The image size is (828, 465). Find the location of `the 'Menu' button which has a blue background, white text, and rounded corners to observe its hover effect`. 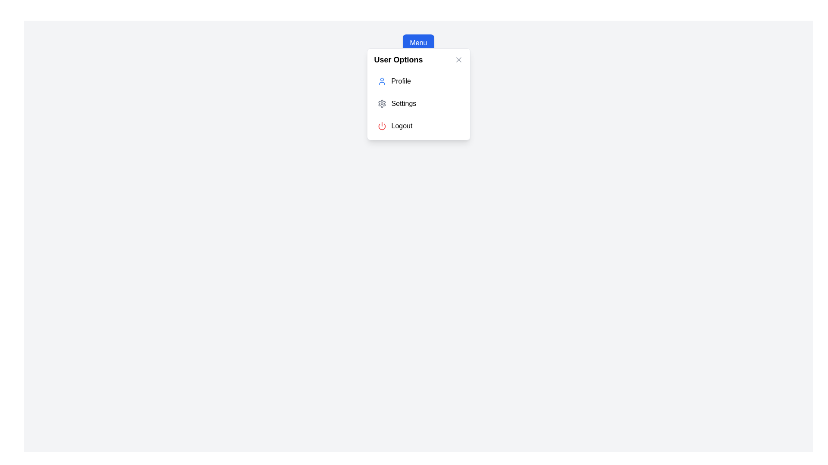

the 'Menu' button which has a blue background, white text, and rounded corners to observe its hover effect is located at coordinates (418, 43).